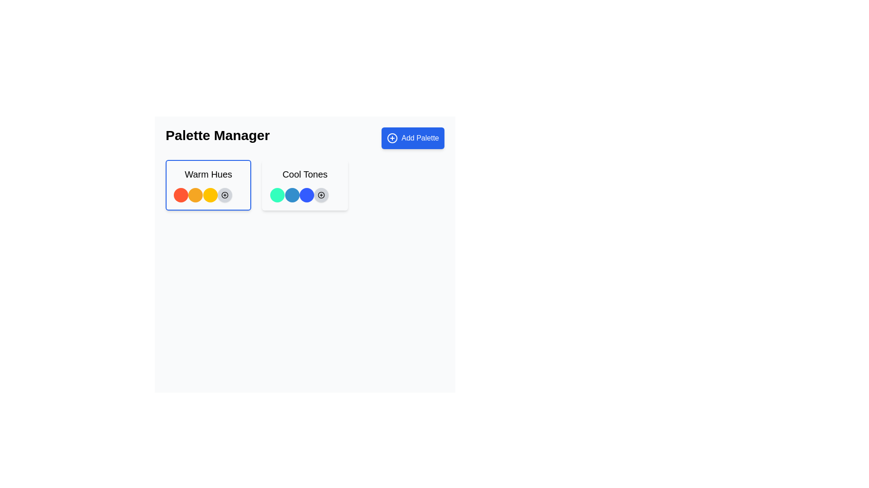 Image resolution: width=869 pixels, height=488 pixels. What do you see at coordinates (181, 195) in the screenshot?
I see `the first color swatch in the 'Warm Hues' palette, which is a circular shape with a bright red background` at bounding box center [181, 195].